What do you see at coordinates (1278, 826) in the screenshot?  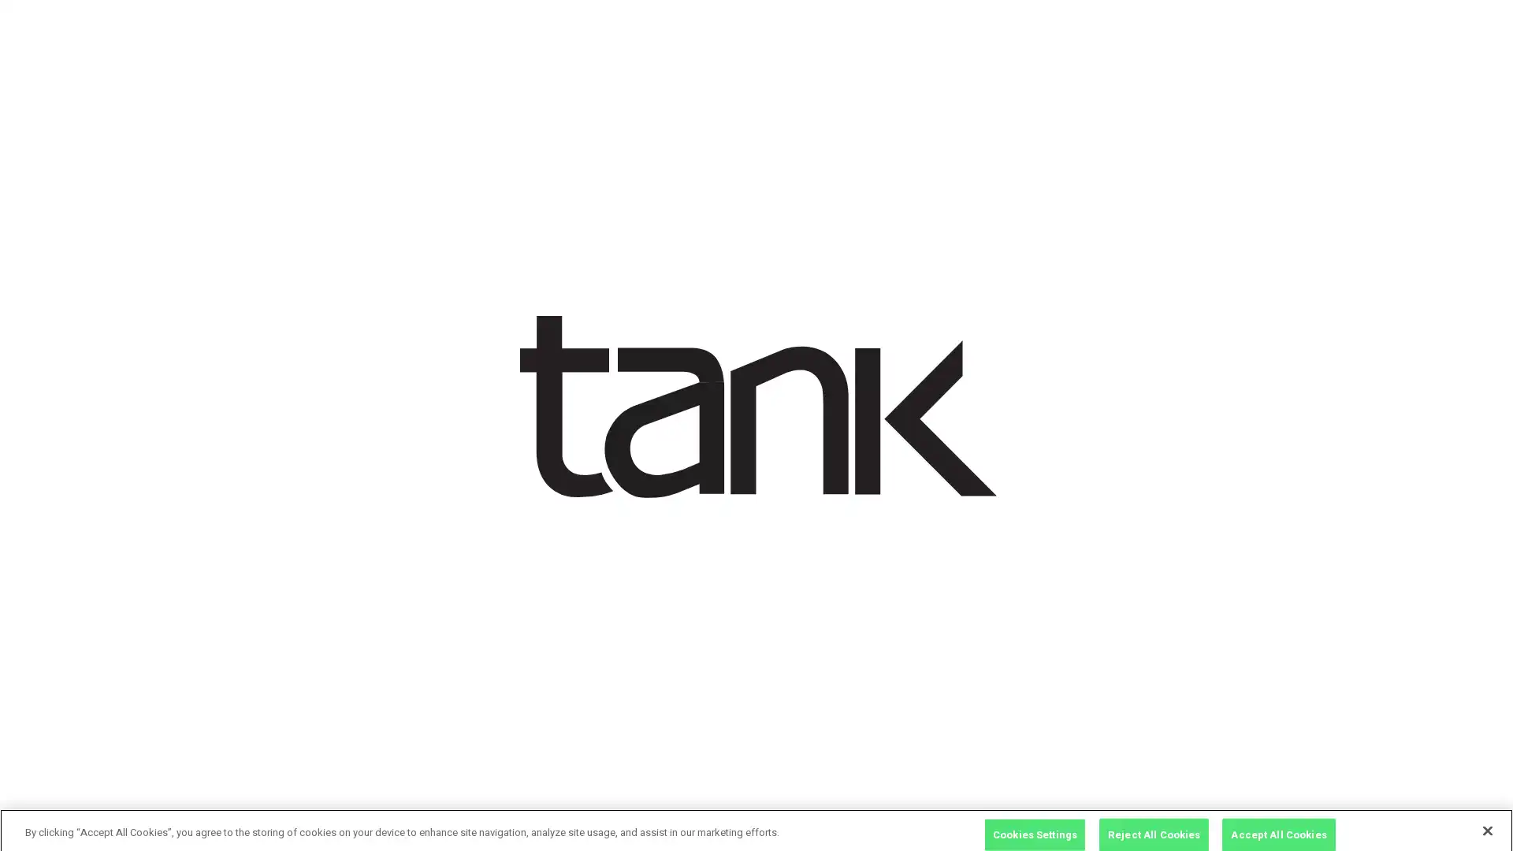 I see `Accept All Cookies` at bounding box center [1278, 826].